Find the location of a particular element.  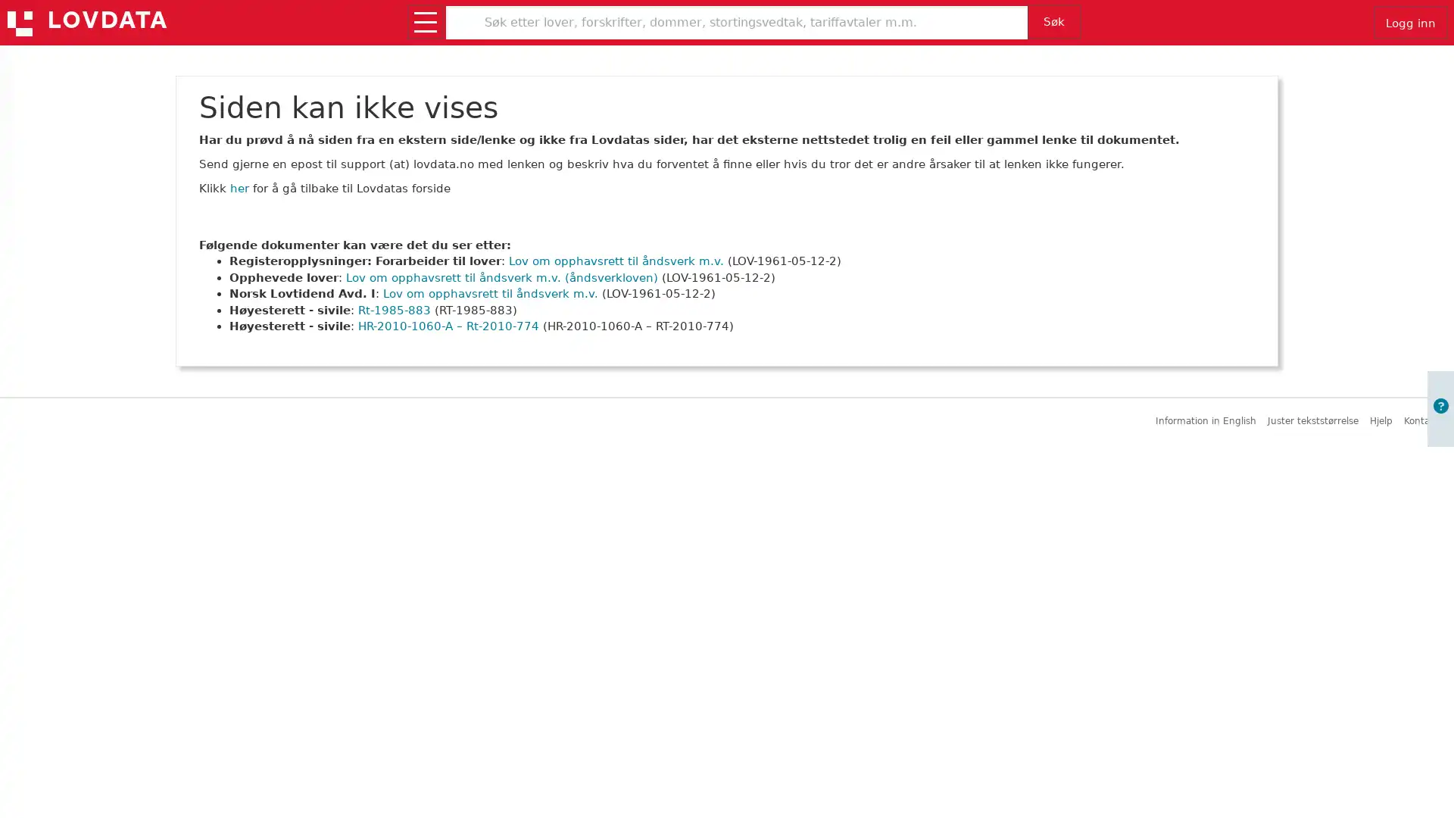

Sk is located at coordinates (1053, 22).